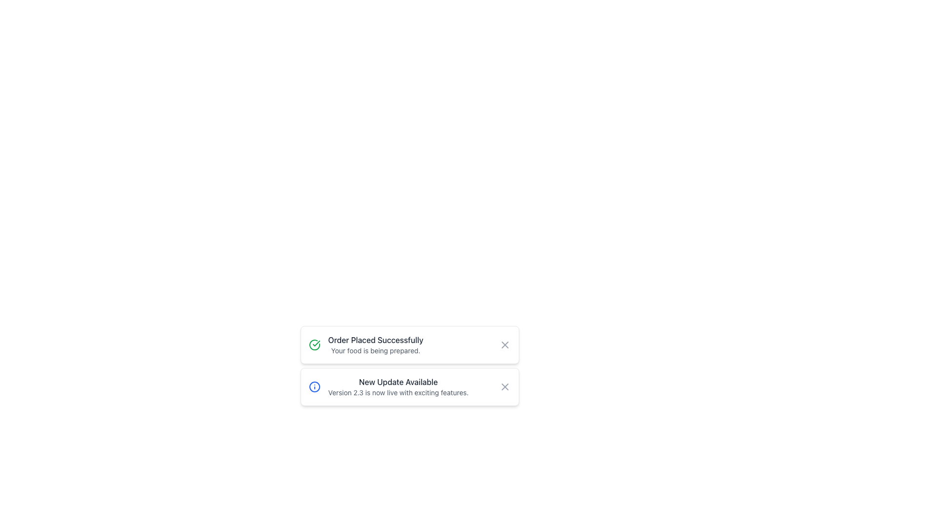 This screenshot has width=937, height=527. What do you see at coordinates (375, 344) in the screenshot?
I see `the Text Block that displays a message indicating that an order has been successfully processed and is in preparation, located in the upper part of the notification component` at bounding box center [375, 344].